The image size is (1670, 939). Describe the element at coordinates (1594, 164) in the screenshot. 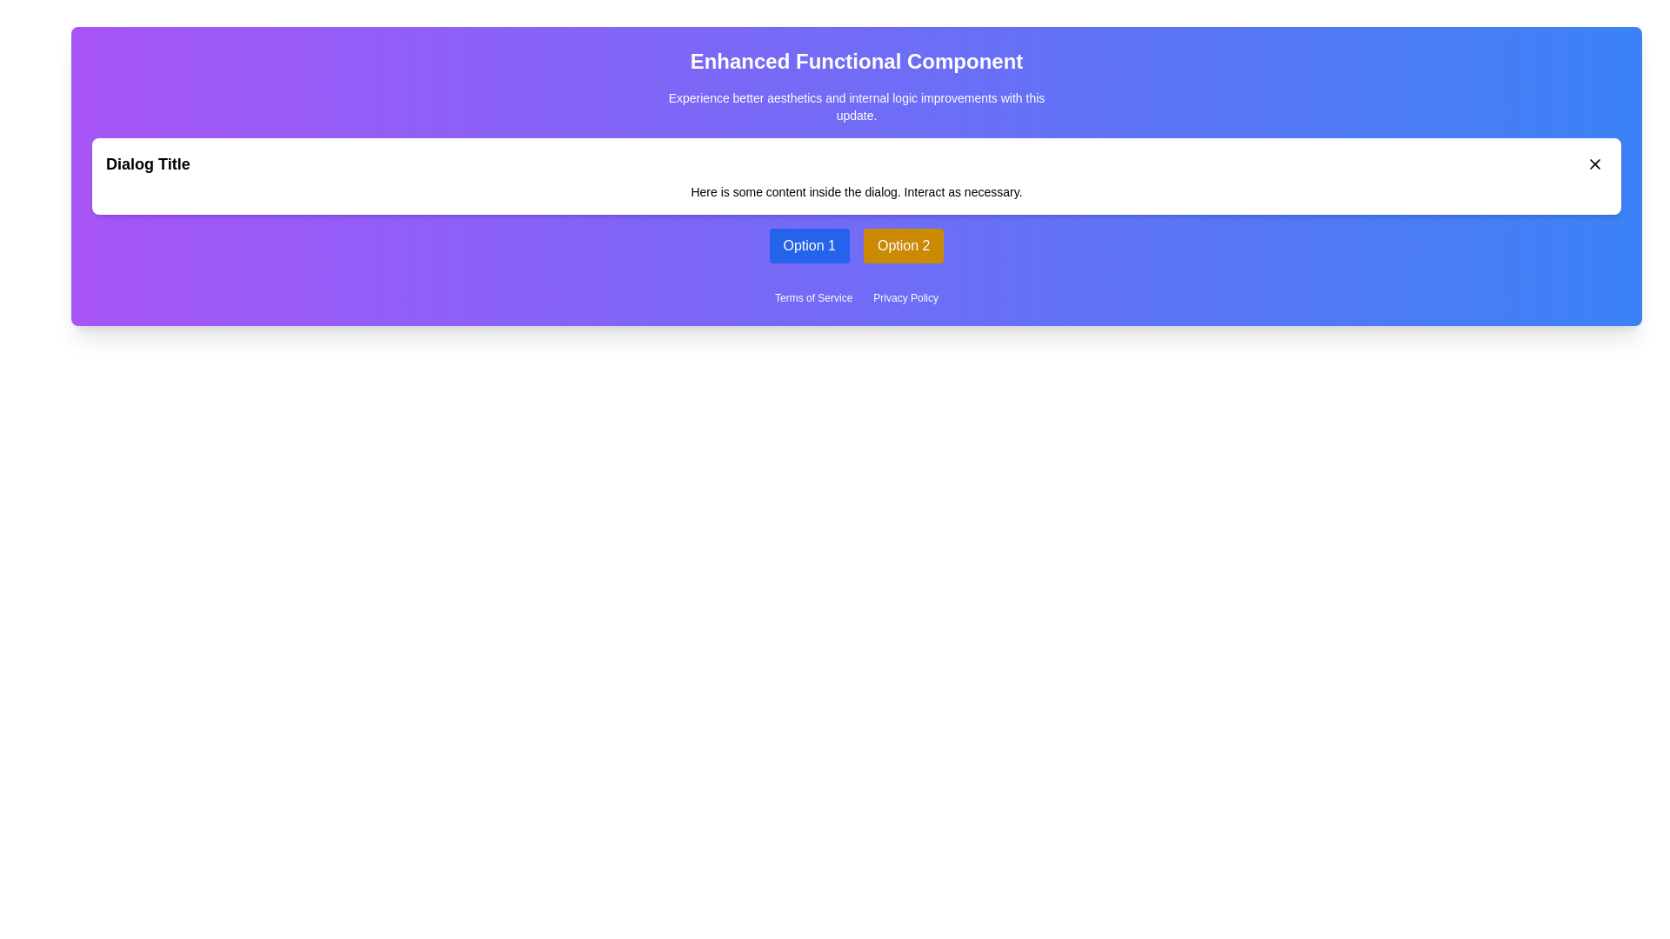

I see `the round button displaying an 'X' icon in the upper-right corner of the dialog header` at that location.